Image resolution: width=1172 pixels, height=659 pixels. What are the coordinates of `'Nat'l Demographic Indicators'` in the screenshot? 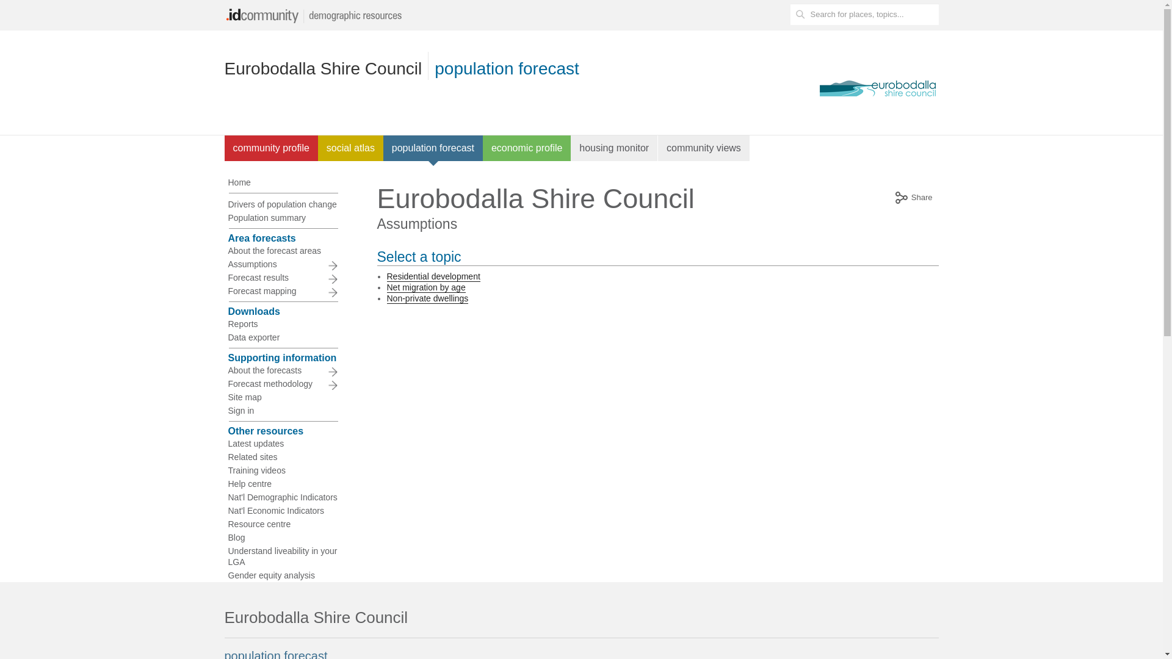 It's located at (225, 497).